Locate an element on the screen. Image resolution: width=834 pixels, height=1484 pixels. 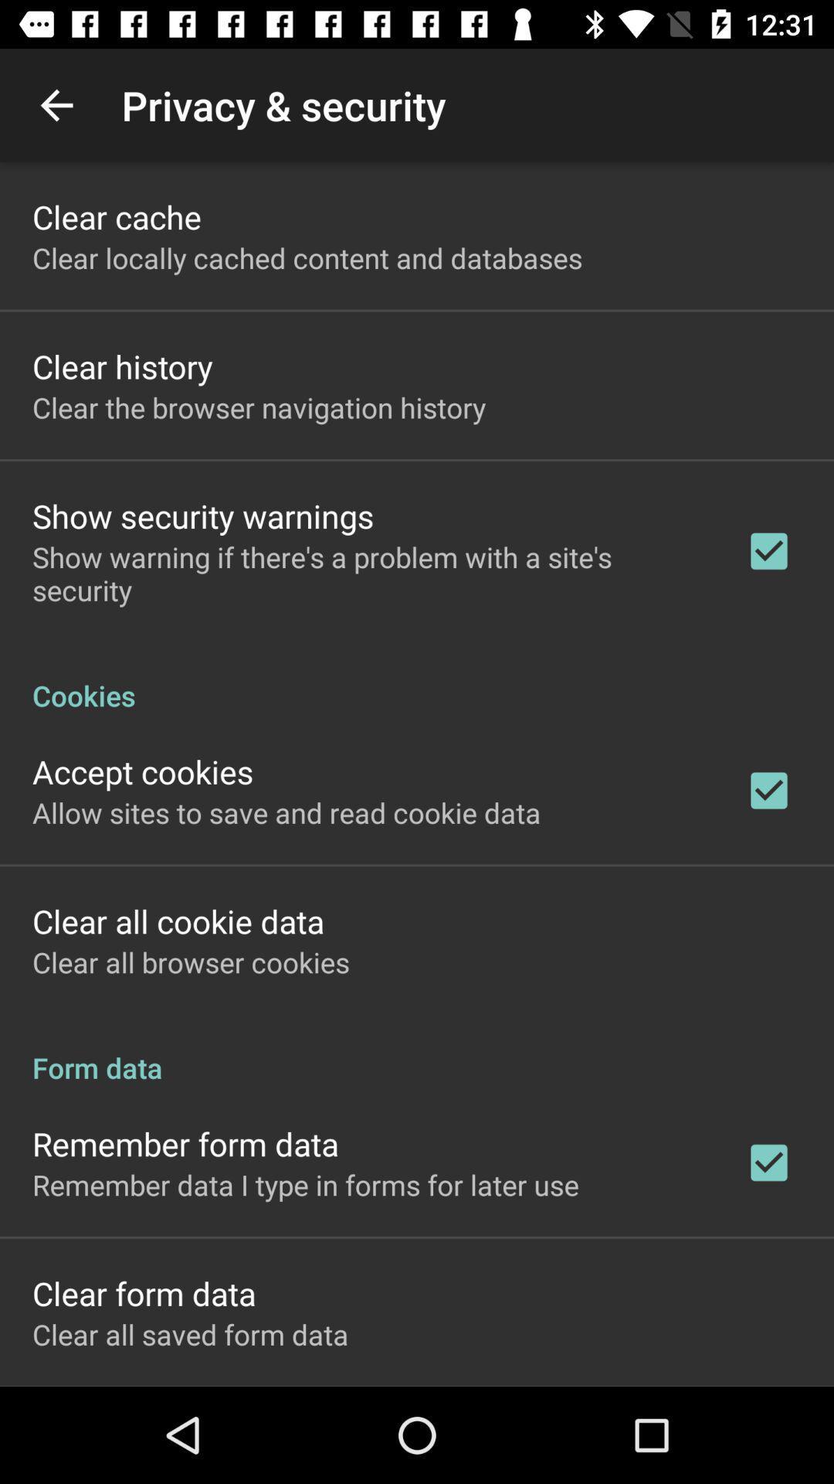
the app below cookies is located at coordinates (143, 771).